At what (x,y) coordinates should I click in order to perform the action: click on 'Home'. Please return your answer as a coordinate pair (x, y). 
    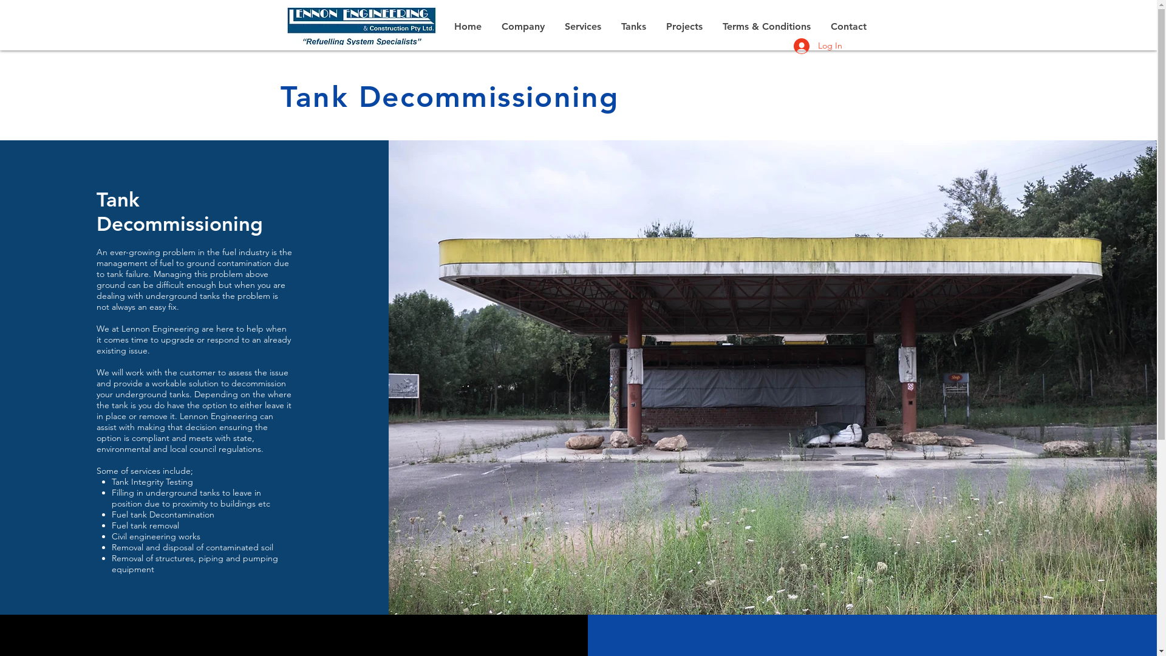
    Looking at the image, I should click on (467, 26).